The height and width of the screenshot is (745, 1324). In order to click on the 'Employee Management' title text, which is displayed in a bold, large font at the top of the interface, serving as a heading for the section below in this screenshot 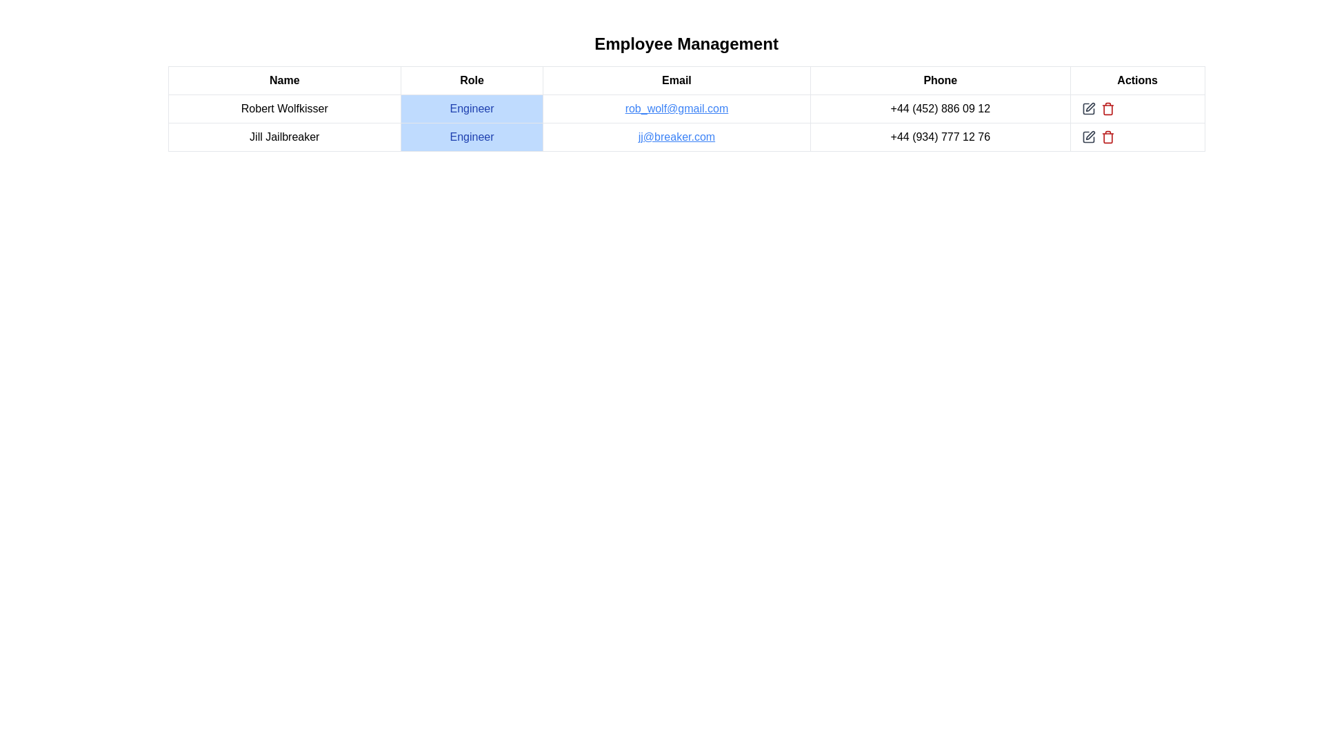, I will do `click(686, 43)`.